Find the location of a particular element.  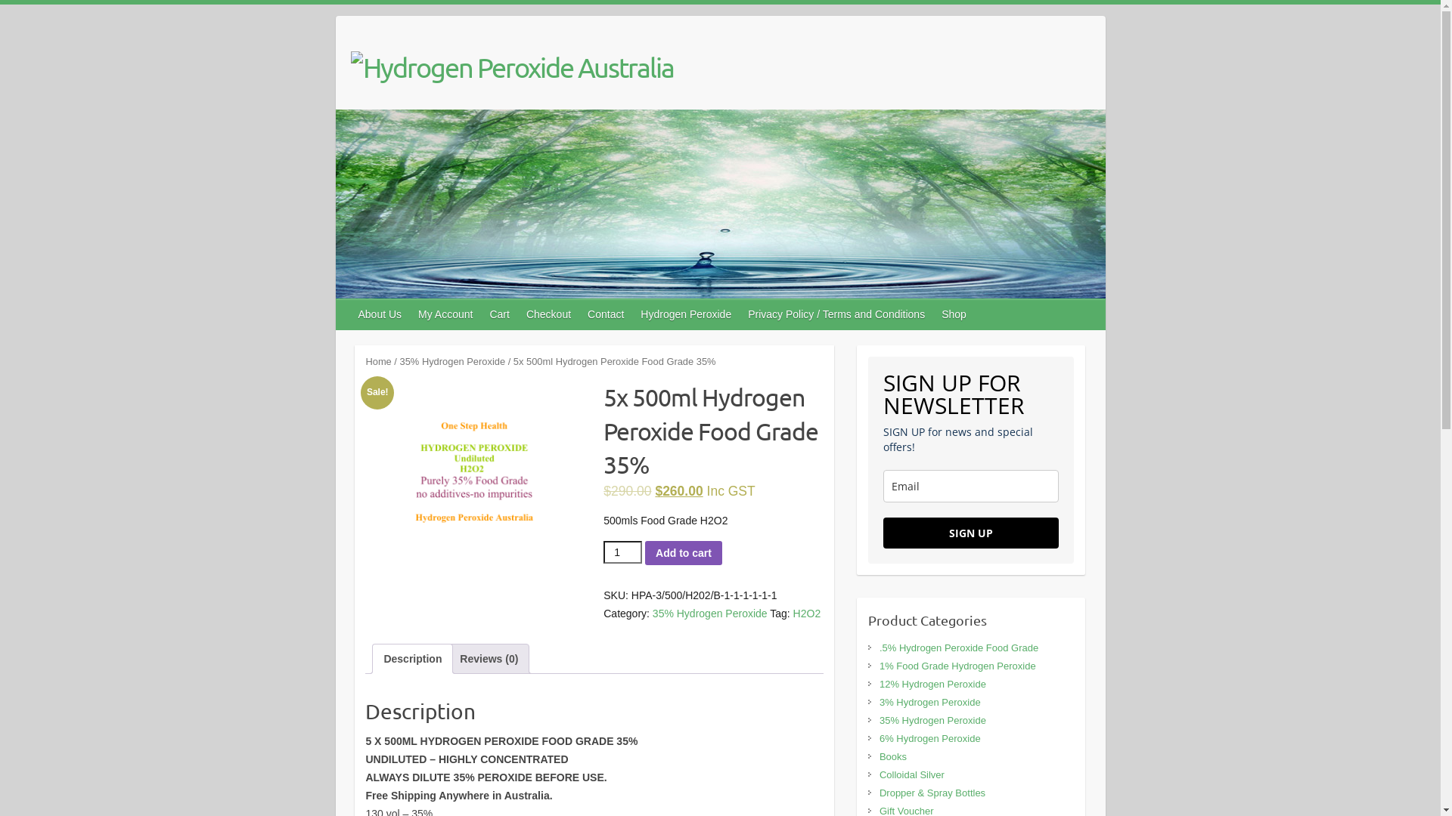

'Books' is located at coordinates (892, 756).